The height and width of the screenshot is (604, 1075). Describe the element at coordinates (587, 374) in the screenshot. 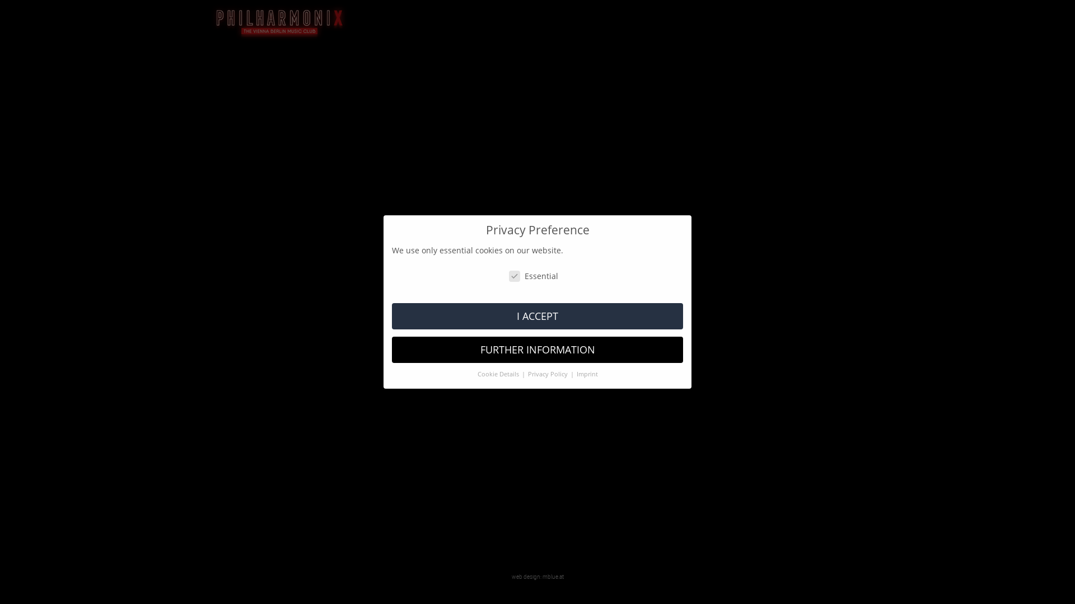

I see `'Imprint'` at that location.